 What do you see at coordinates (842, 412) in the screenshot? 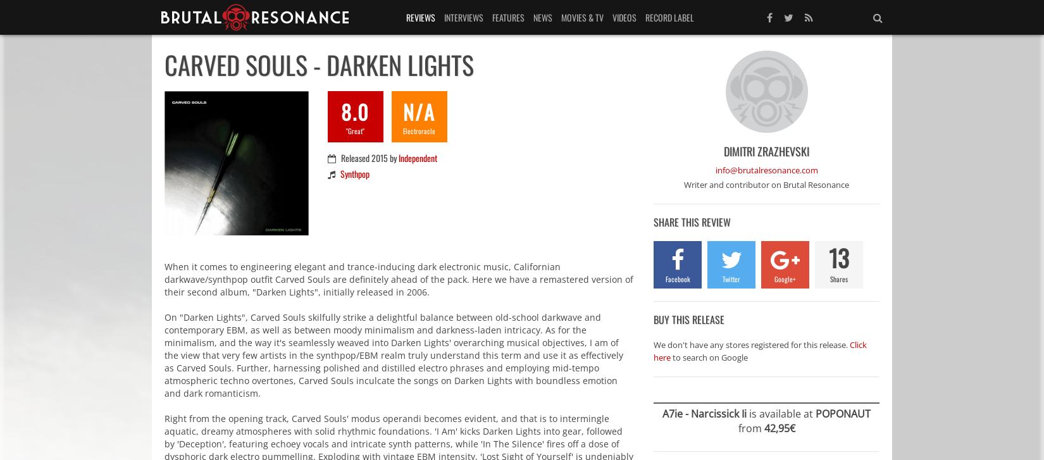
I see `'POPONAUT'` at bounding box center [842, 412].